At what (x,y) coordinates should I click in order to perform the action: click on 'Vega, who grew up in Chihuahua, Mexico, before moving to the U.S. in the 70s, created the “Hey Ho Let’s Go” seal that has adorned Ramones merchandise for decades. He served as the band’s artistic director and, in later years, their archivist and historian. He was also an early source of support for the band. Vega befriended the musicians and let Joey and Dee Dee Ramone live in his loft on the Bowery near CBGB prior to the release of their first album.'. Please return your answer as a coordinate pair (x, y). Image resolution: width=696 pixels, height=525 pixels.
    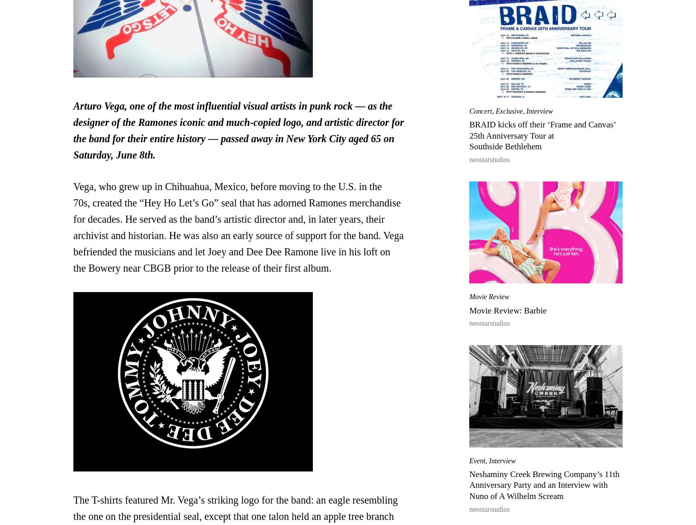
    Looking at the image, I should click on (238, 226).